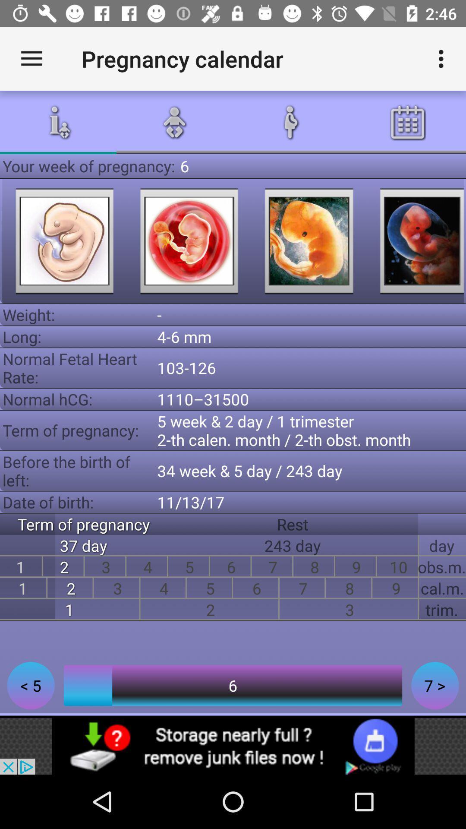  What do you see at coordinates (233, 746) in the screenshot?
I see `download option` at bounding box center [233, 746].